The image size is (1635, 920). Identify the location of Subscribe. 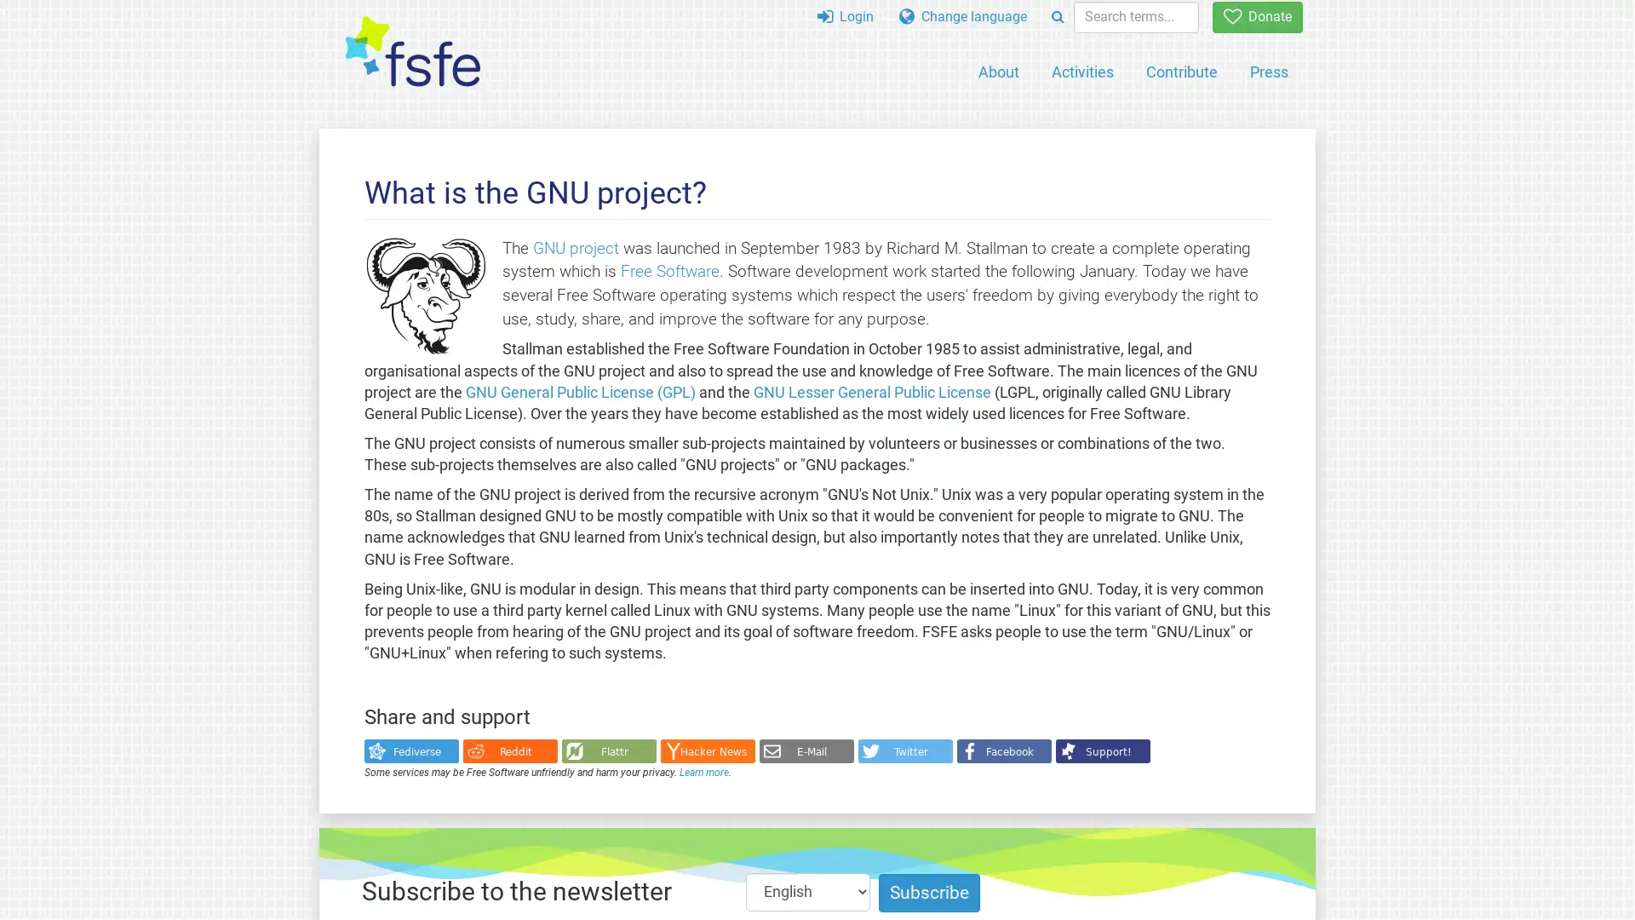
(928, 892).